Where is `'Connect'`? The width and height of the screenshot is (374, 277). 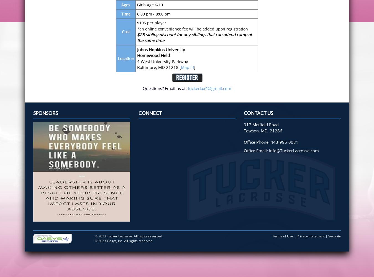 'Connect' is located at coordinates (150, 113).